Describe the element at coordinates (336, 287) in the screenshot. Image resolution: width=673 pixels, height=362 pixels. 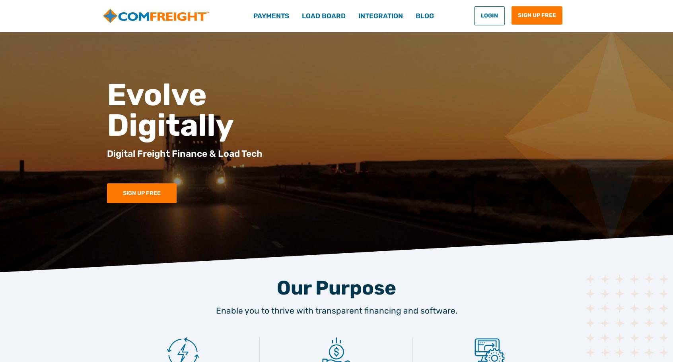
I see `'Our Purpose'` at that location.